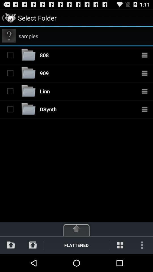  I want to click on options, so click(144, 109).